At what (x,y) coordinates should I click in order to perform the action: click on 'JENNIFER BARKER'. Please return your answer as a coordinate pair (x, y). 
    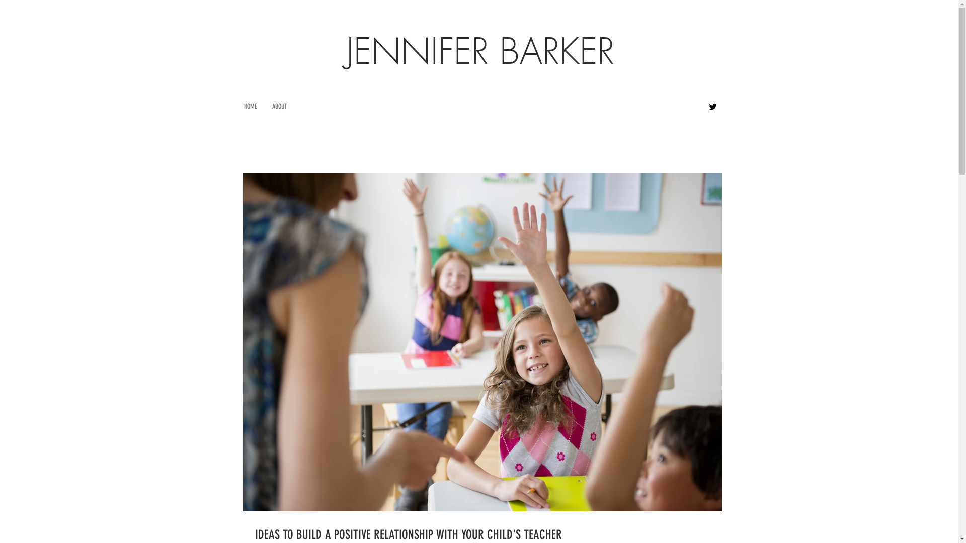
    Looking at the image, I should click on (479, 51).